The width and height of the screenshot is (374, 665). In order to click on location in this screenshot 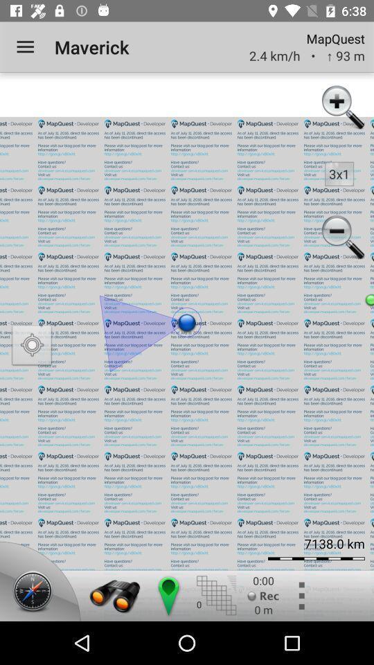, I will do `click(32, 346)`.